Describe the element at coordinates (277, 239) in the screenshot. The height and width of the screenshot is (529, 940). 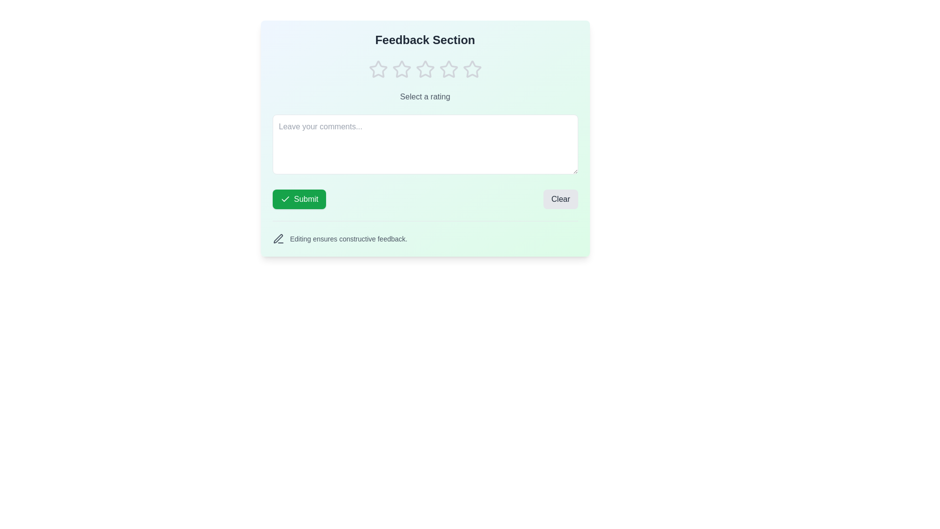
I see `the pen-shaped icon located in the feedback section` at that location.